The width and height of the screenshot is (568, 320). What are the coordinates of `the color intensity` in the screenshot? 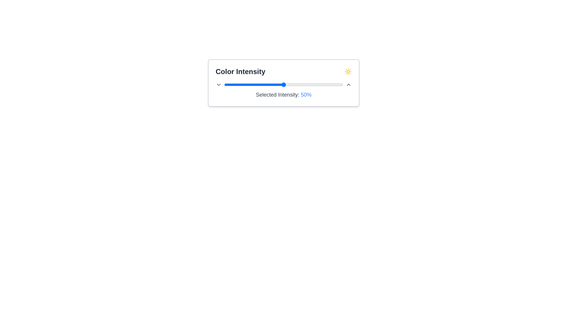 It's located at (231, 84).